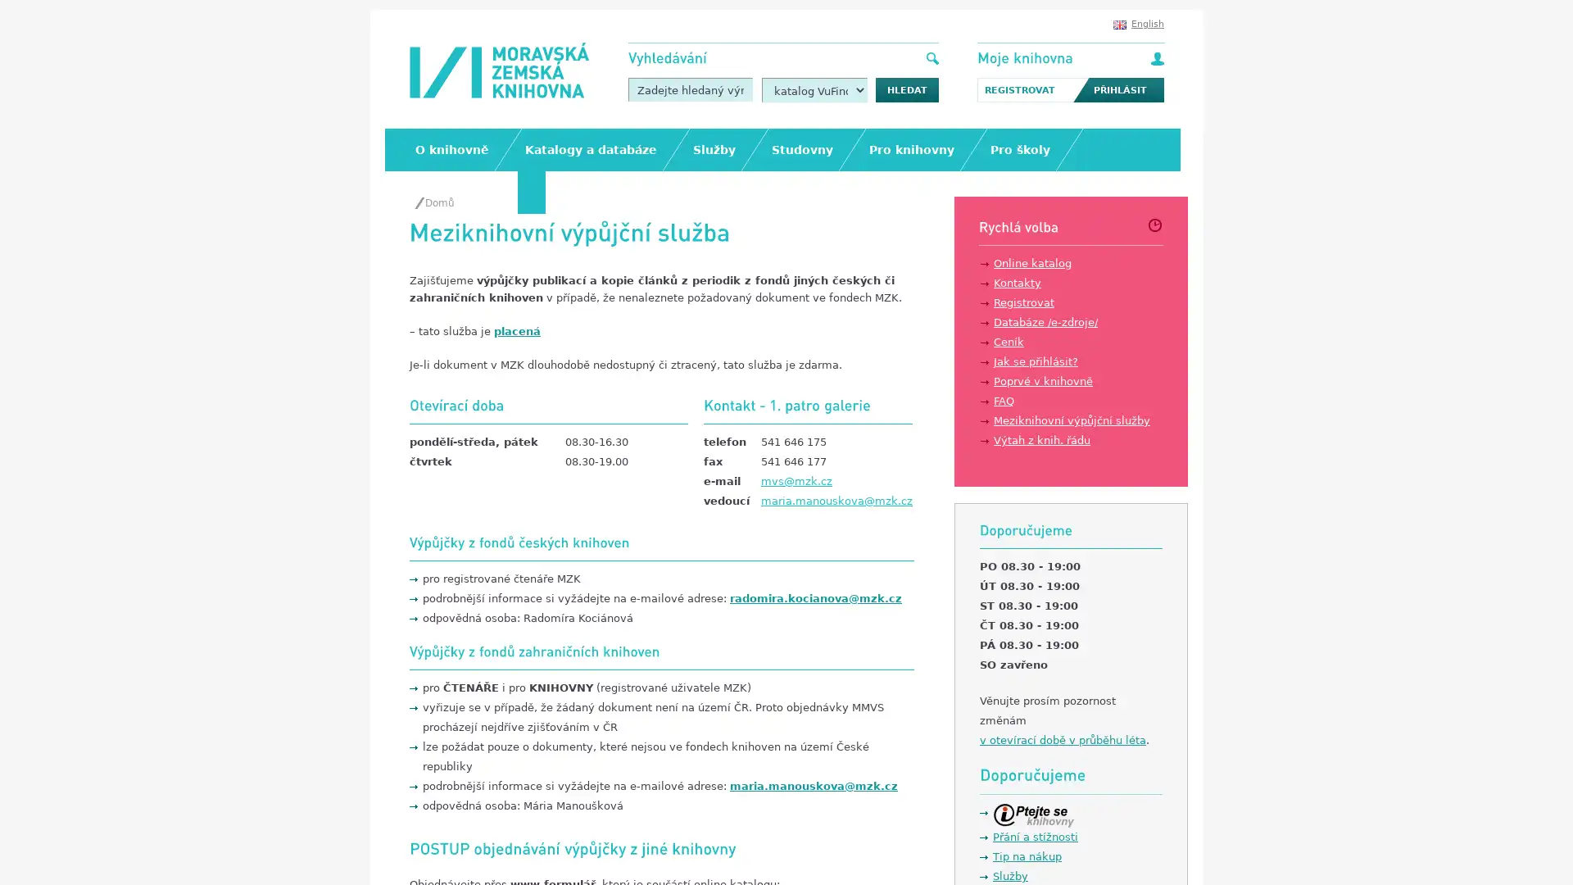  I want to click on Hledat, so click(906, 90).